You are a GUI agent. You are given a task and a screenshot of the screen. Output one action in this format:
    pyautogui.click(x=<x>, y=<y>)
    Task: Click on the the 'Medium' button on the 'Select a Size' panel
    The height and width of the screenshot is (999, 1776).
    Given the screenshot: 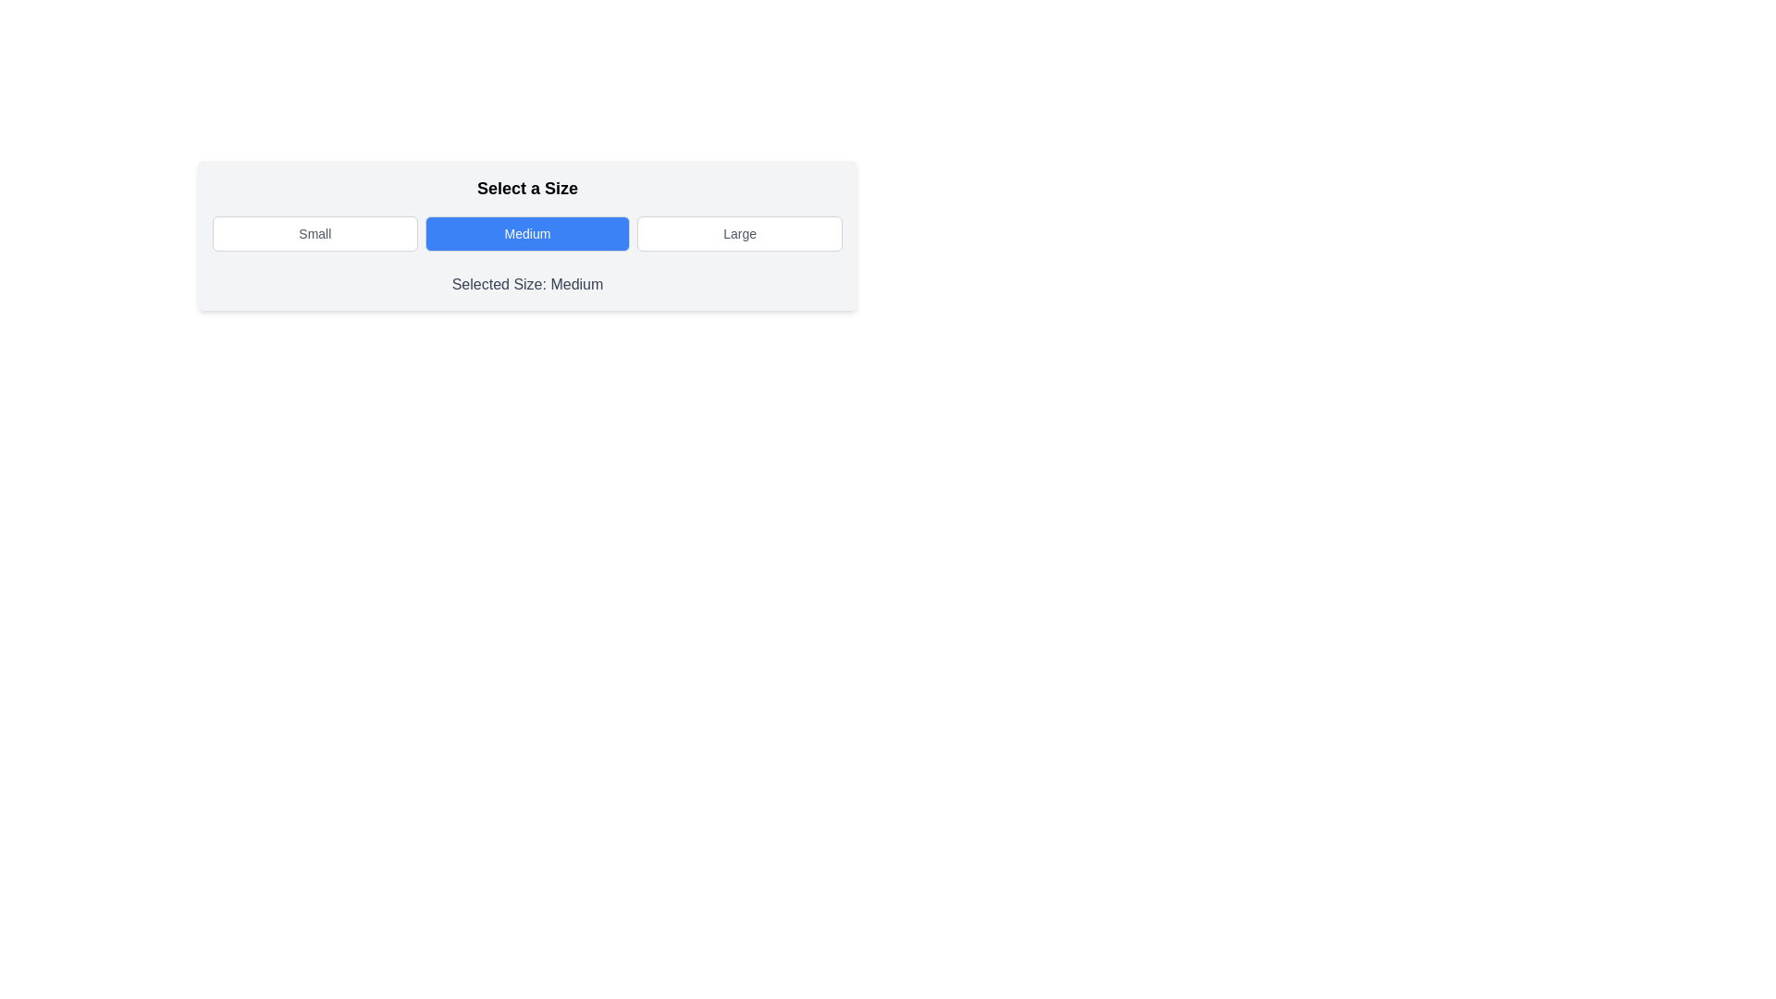 What is the action you would take?
    pyautogui.click(x=526, y=234)
    